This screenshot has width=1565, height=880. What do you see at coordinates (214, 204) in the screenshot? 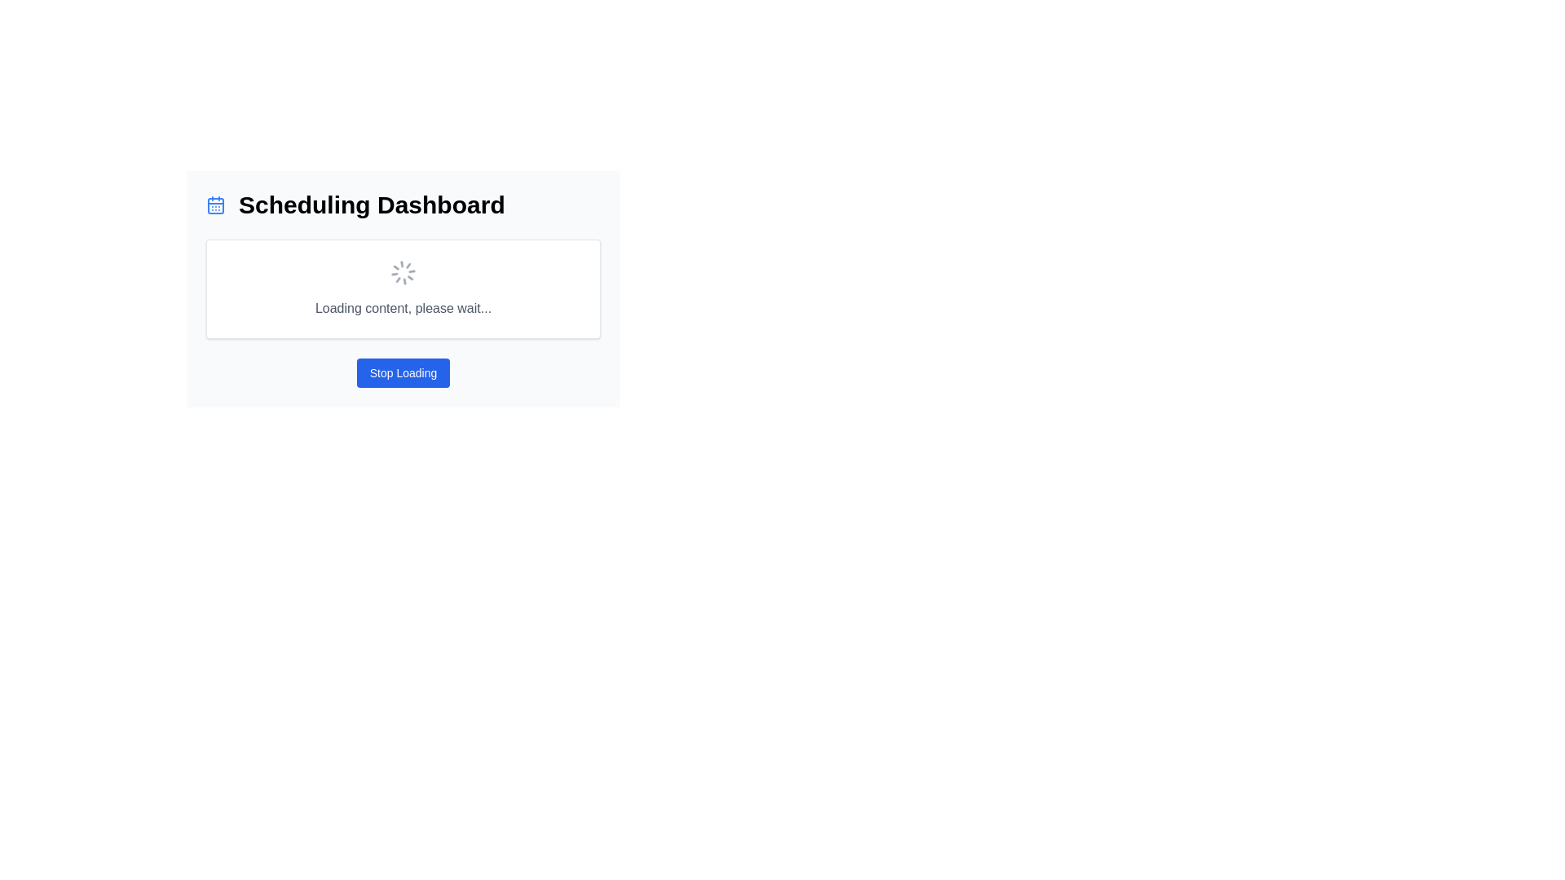
I see `the blue calendar icon located at the top left of the interface, adjacent to the 'Scheduling Dashboard' text` at bounding box center [214, 204].